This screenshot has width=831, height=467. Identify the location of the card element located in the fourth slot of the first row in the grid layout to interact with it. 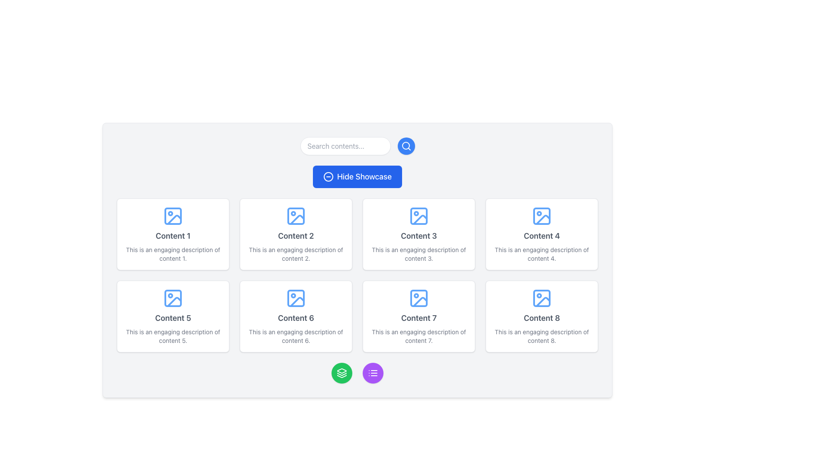
(541, 234).